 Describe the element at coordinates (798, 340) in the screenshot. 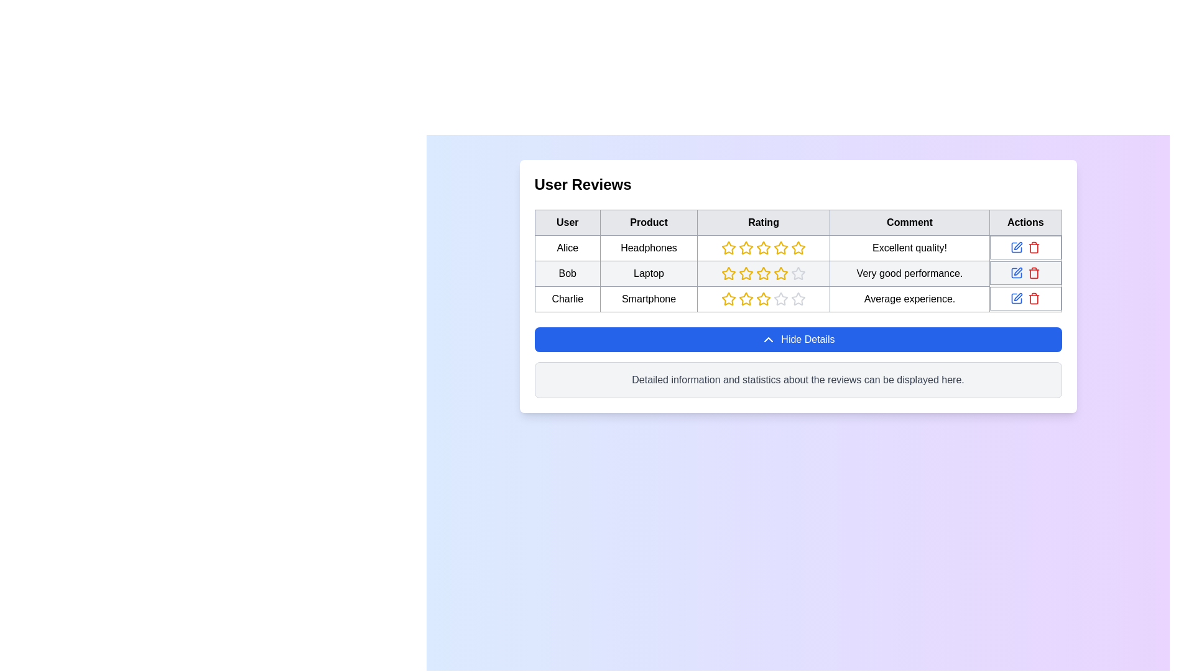

I see `the button that toggles the visibility of additional review details, located centrally below the 'User Reviews' table and above the grey background section, for accessibility navigation` at that location.